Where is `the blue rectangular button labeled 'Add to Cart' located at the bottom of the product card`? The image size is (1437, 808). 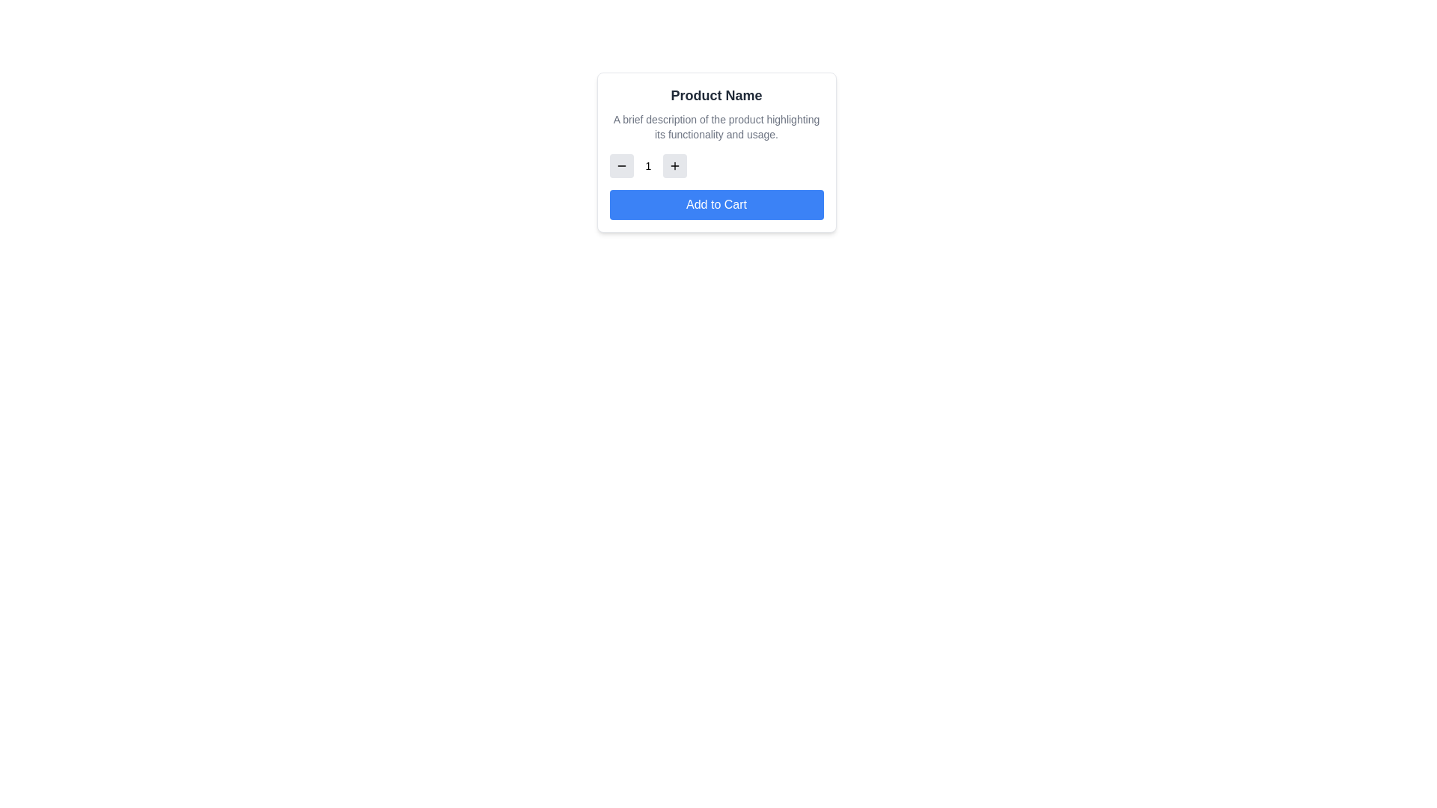
the blue rectangular button labeled 'Add to Cart' located at the bottom of the product card is located at coordinates (716, 204).